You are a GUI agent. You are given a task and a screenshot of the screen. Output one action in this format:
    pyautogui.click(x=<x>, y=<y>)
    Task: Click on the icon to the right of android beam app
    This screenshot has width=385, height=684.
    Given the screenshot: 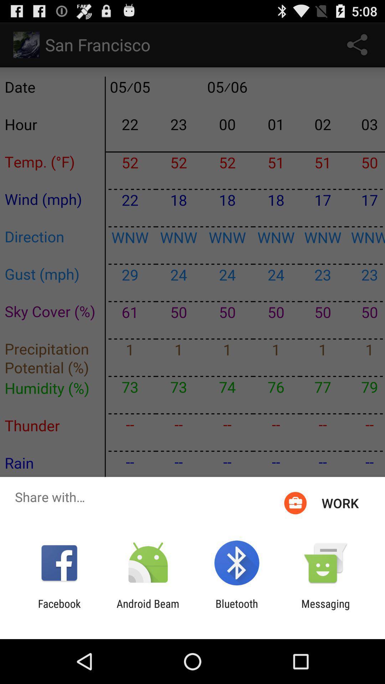 What is the action you would take?
    pyautogui.click(x=237, y=610)
    